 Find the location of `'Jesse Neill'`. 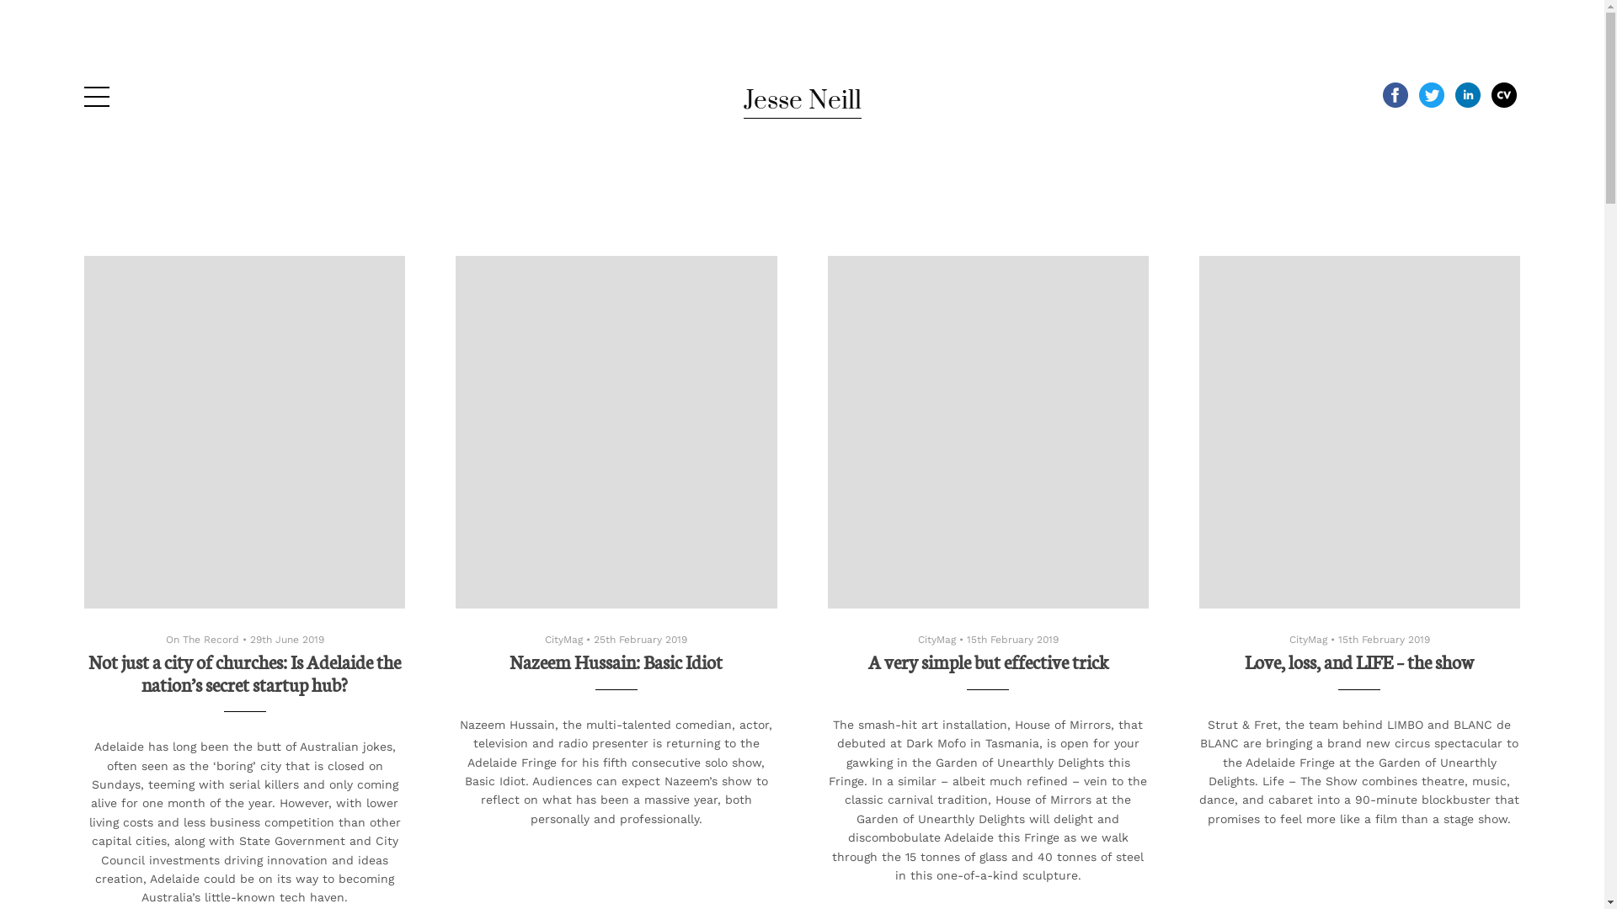

'Jesse Neill' is located at coordinates (800, 100).